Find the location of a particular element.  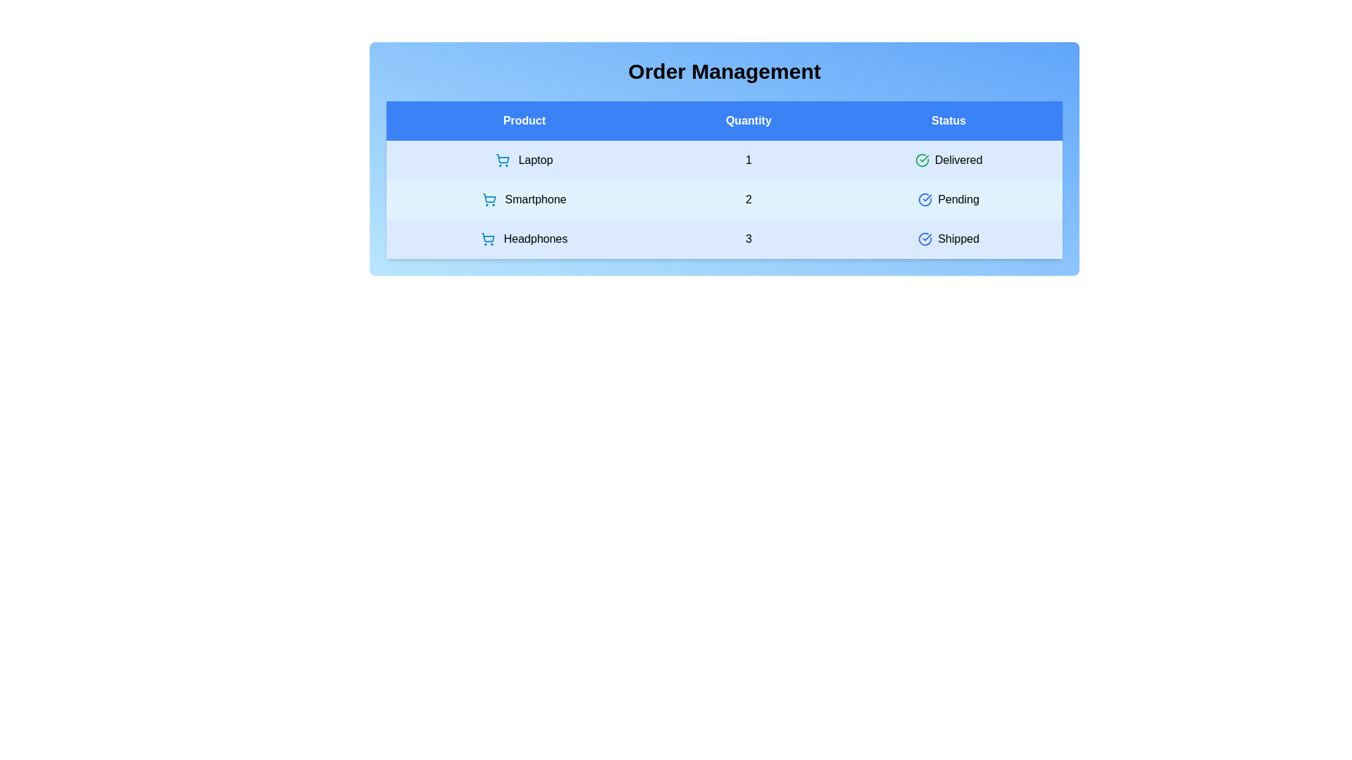

the status icon for the product Headphones to view its details is located at coordinates (925, 238).